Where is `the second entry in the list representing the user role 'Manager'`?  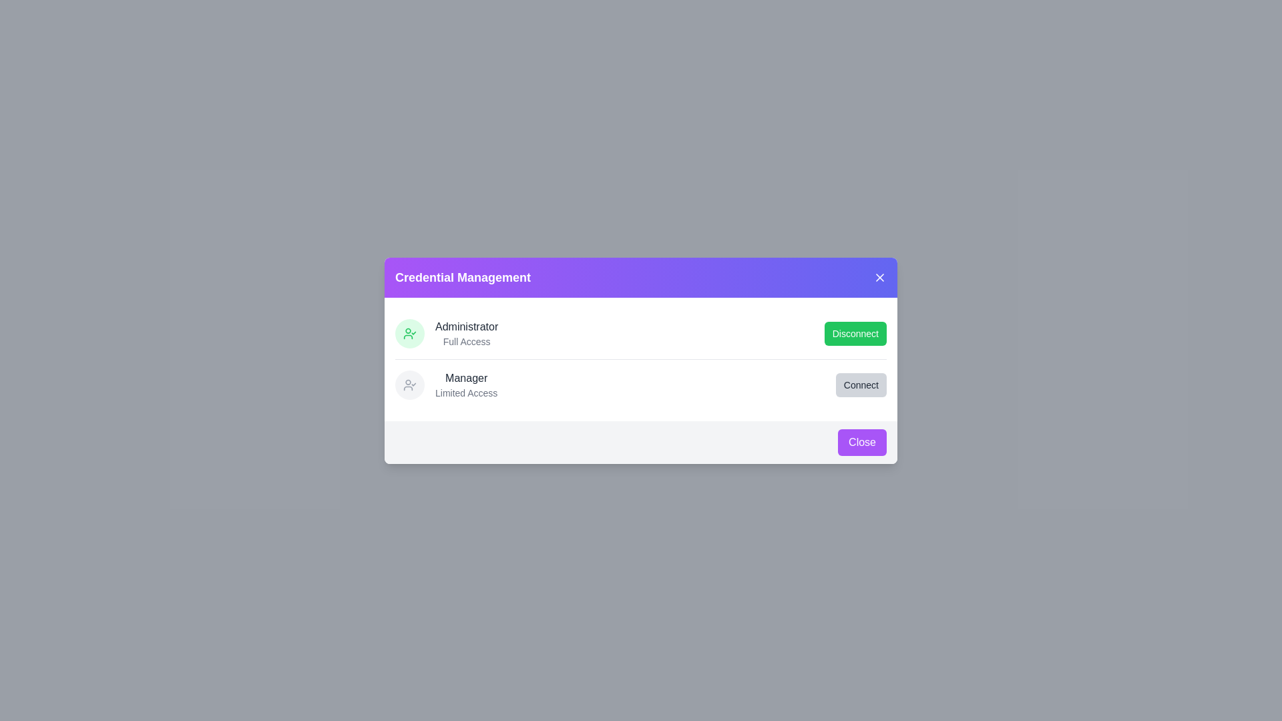 the second entry in the list representing the user role 'Manager' is located at coordinates (641, 384).